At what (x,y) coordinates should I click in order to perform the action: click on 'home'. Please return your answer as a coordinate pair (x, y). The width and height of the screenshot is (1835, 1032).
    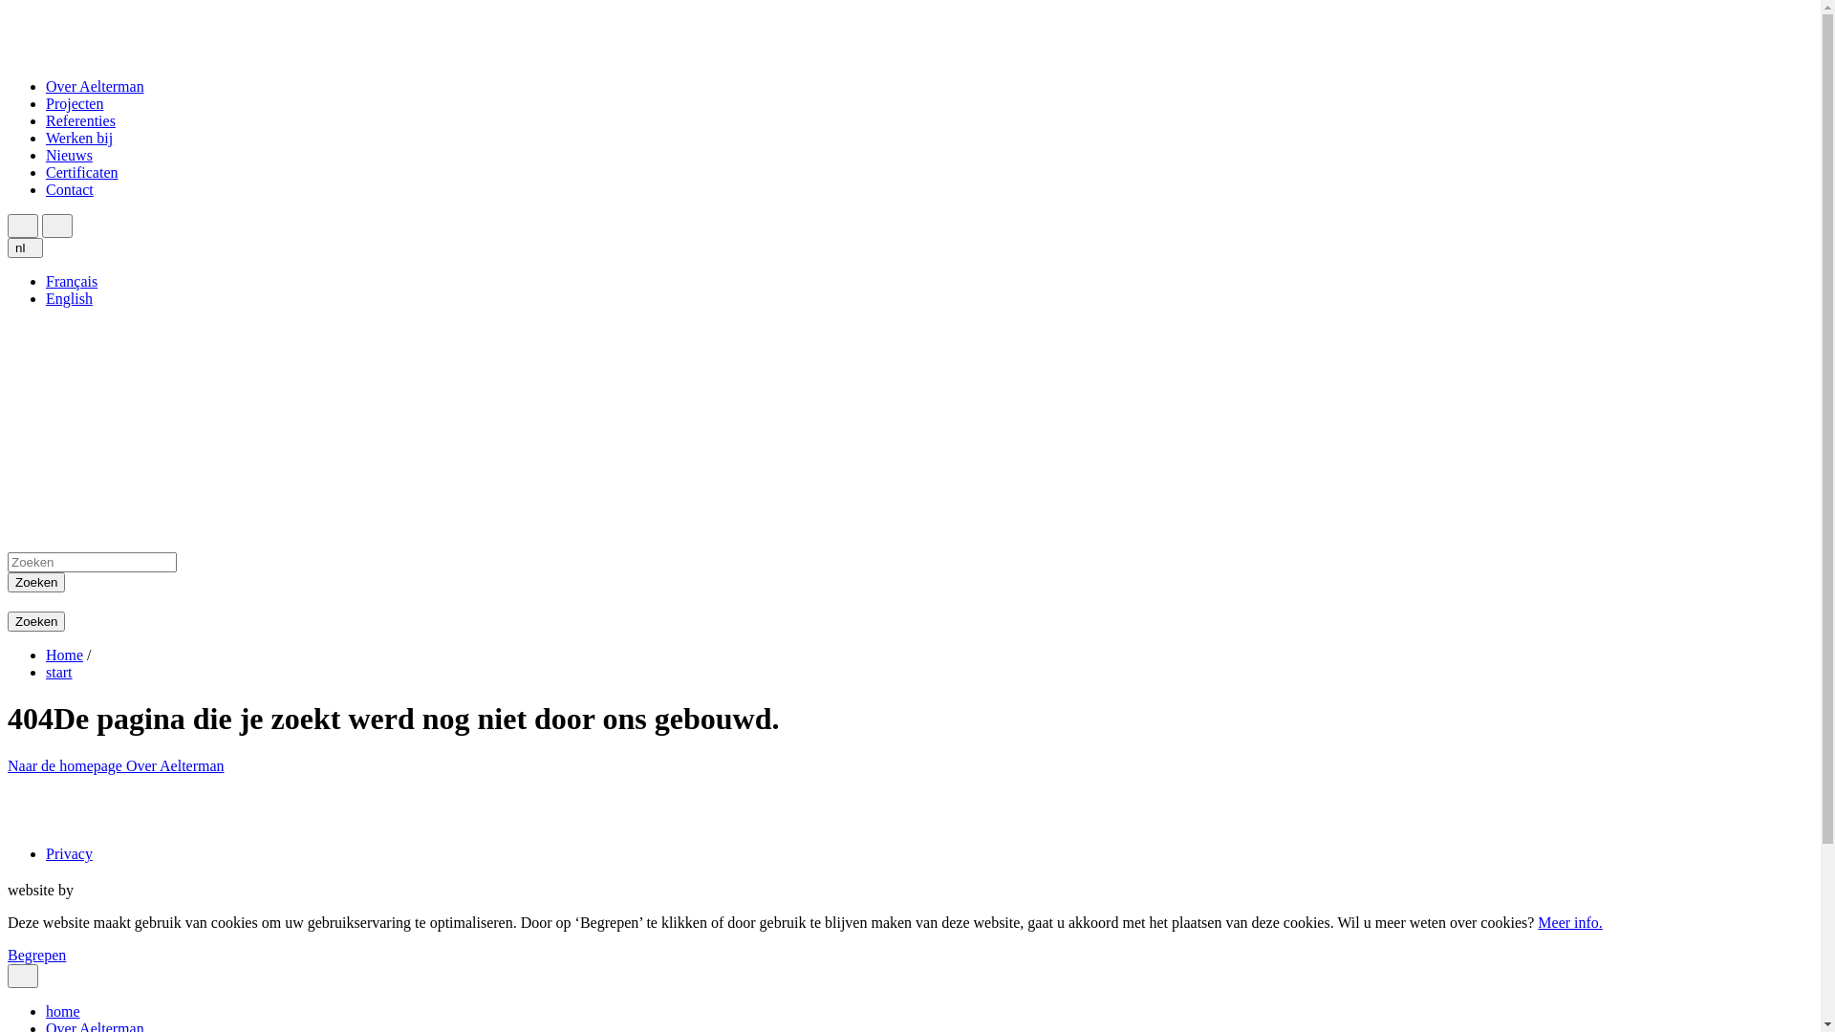
    Looking at the image, I should click on (46, 1010).